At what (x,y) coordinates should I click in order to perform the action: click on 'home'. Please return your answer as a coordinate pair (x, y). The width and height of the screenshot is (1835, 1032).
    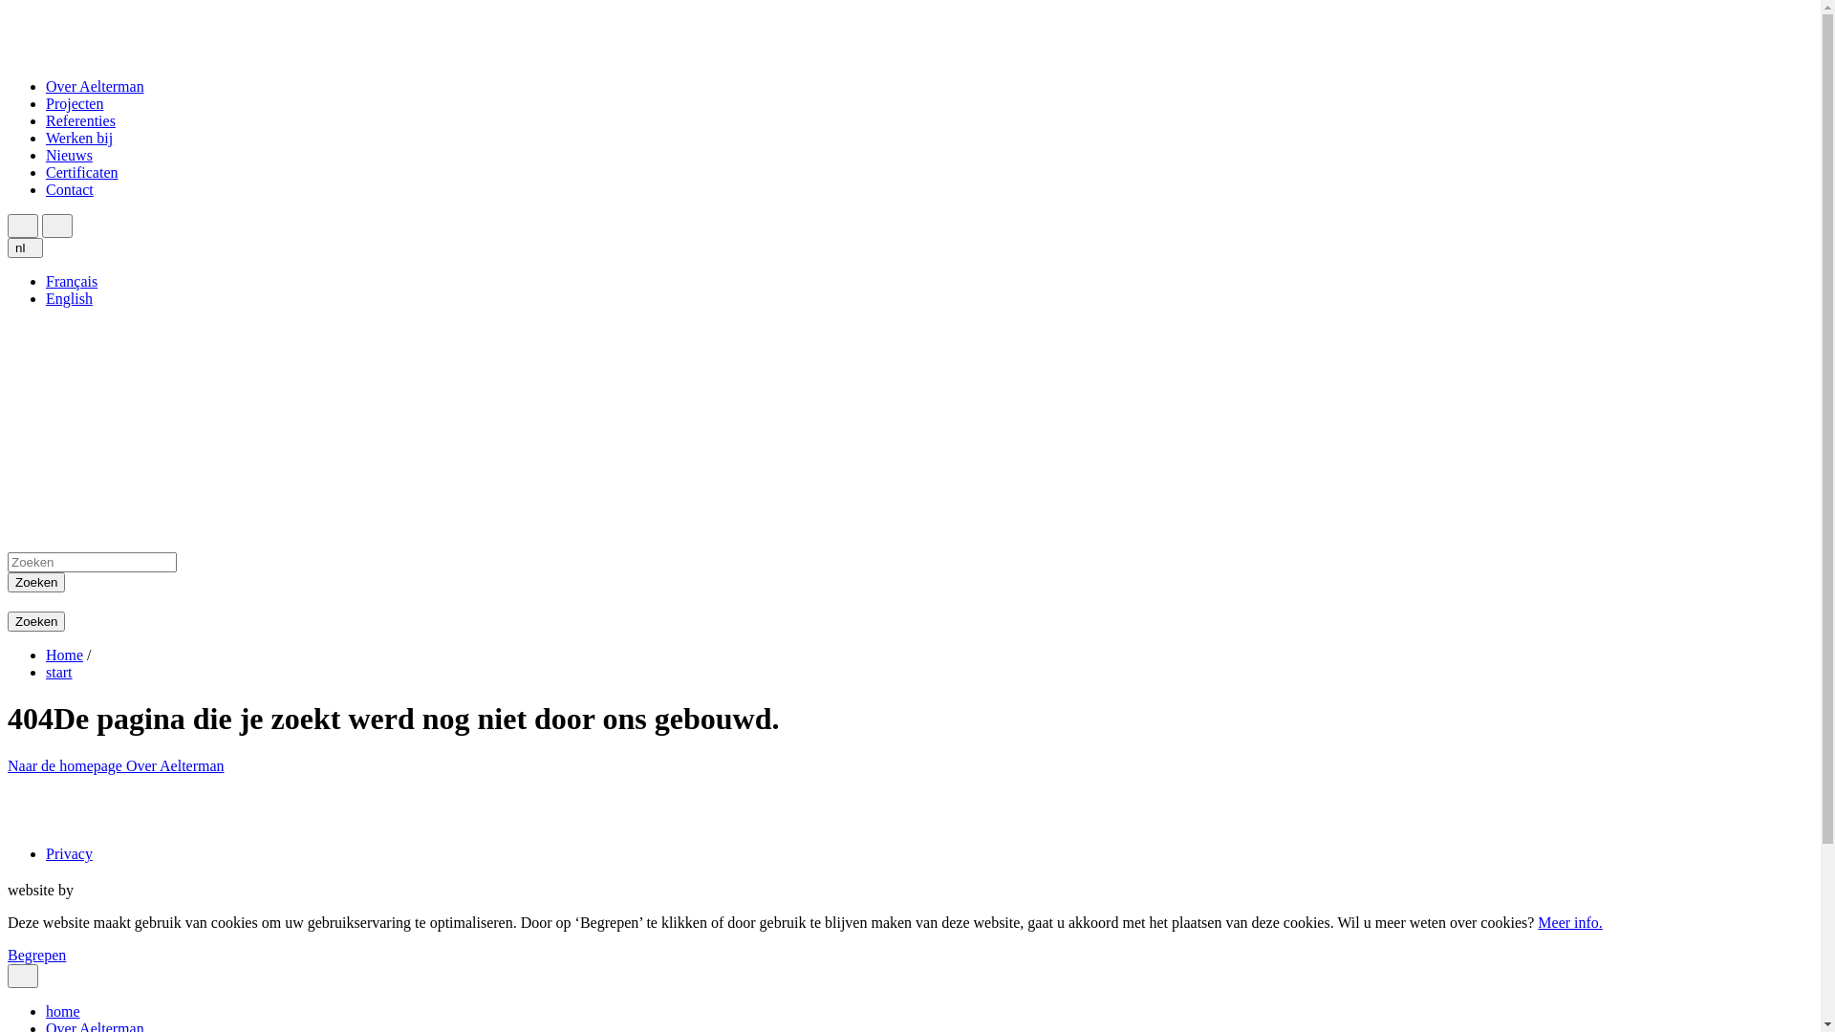
    Looking at the image, I should click on (46, 1010).